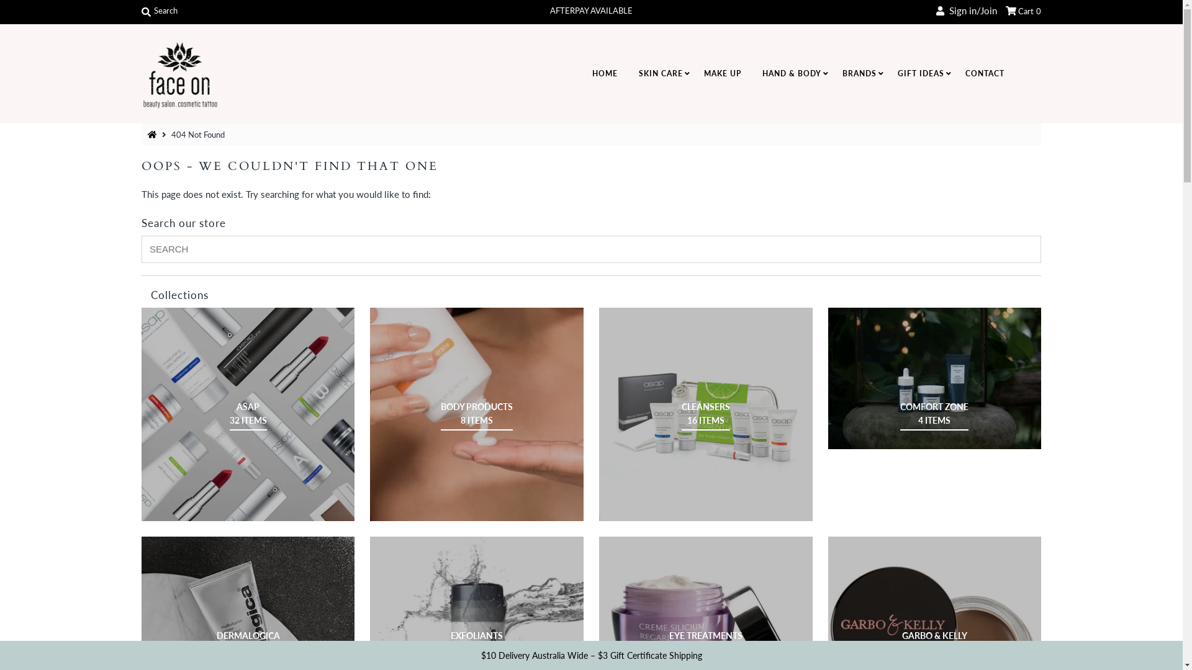 The height and width of the screenshot is (670, 1192). I want to click on 'HOME', so click(581, 74).